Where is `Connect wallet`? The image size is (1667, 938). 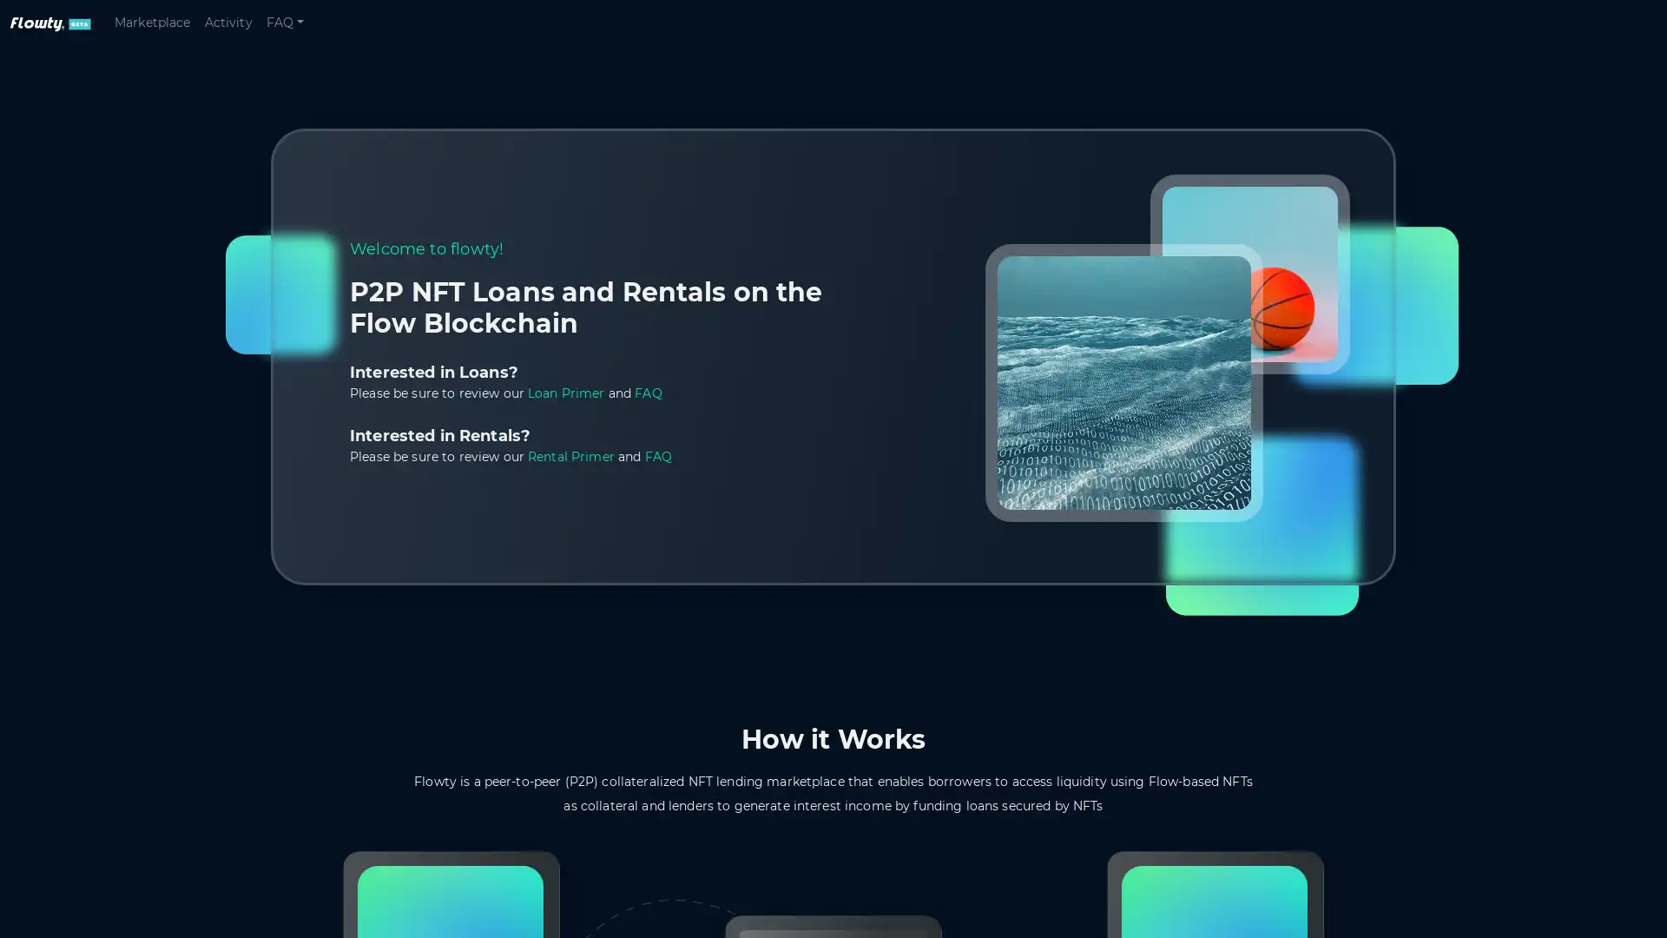
Connect wallet is located at coordinates (1590, 23).